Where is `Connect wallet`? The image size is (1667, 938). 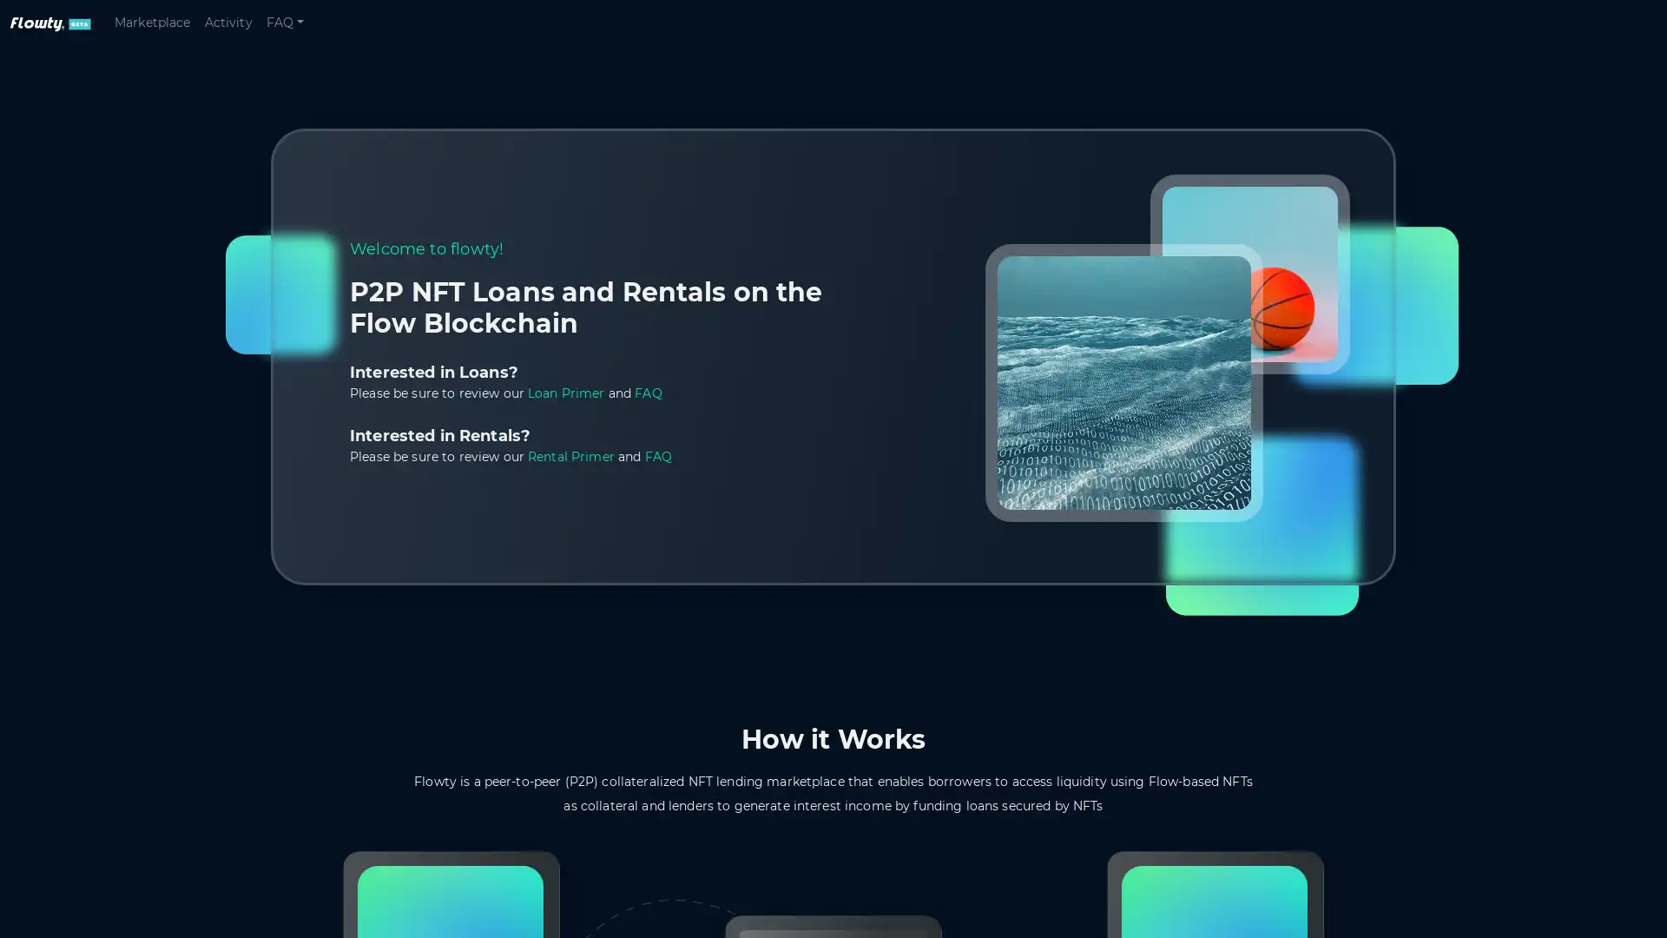
Connect wallet is located at coordinates (1590, 23).